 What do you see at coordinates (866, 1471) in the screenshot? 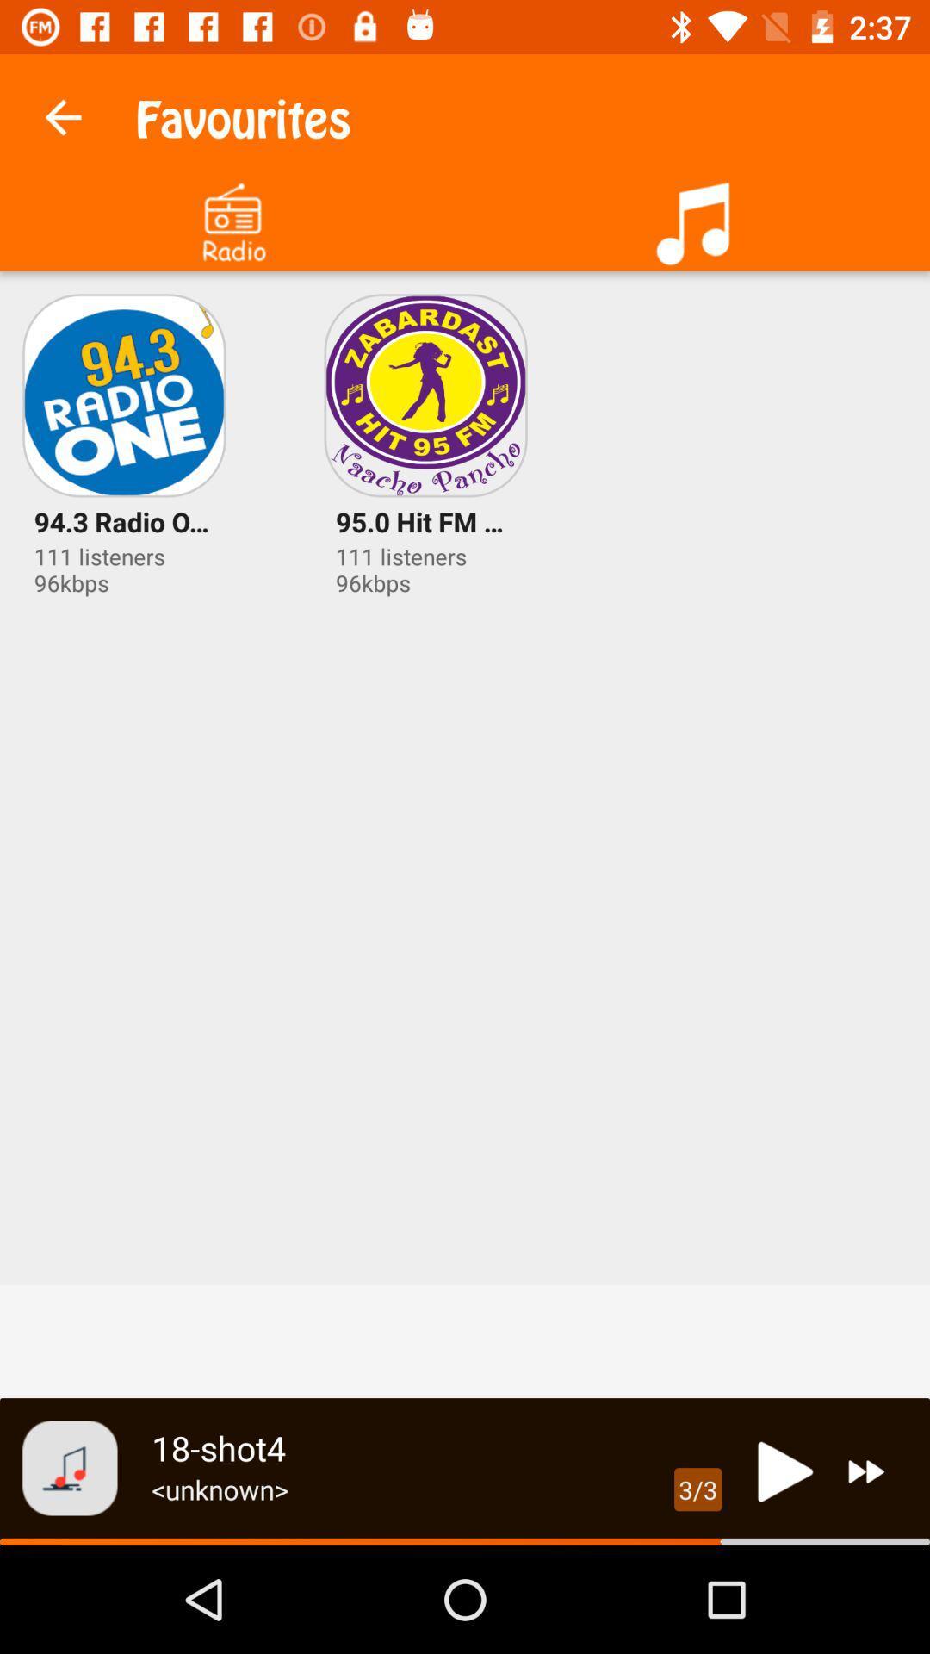
I see `fast forward` at bounding box center [866, 1471].